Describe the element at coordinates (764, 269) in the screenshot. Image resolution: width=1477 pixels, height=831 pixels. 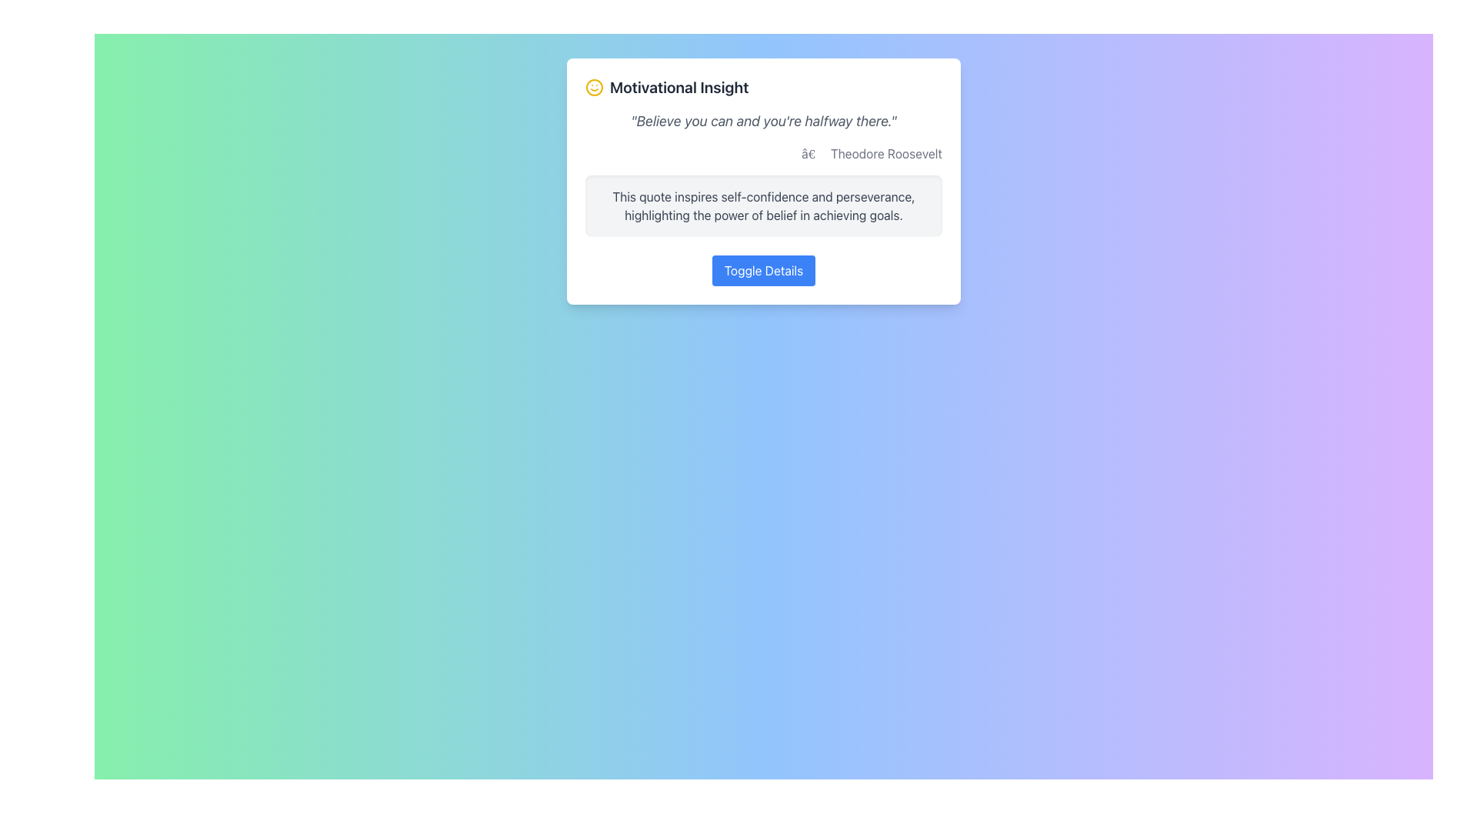
I see `the 'Toggle Details' button, which is a rectangular button with a blue background and rounded corners` at that location.